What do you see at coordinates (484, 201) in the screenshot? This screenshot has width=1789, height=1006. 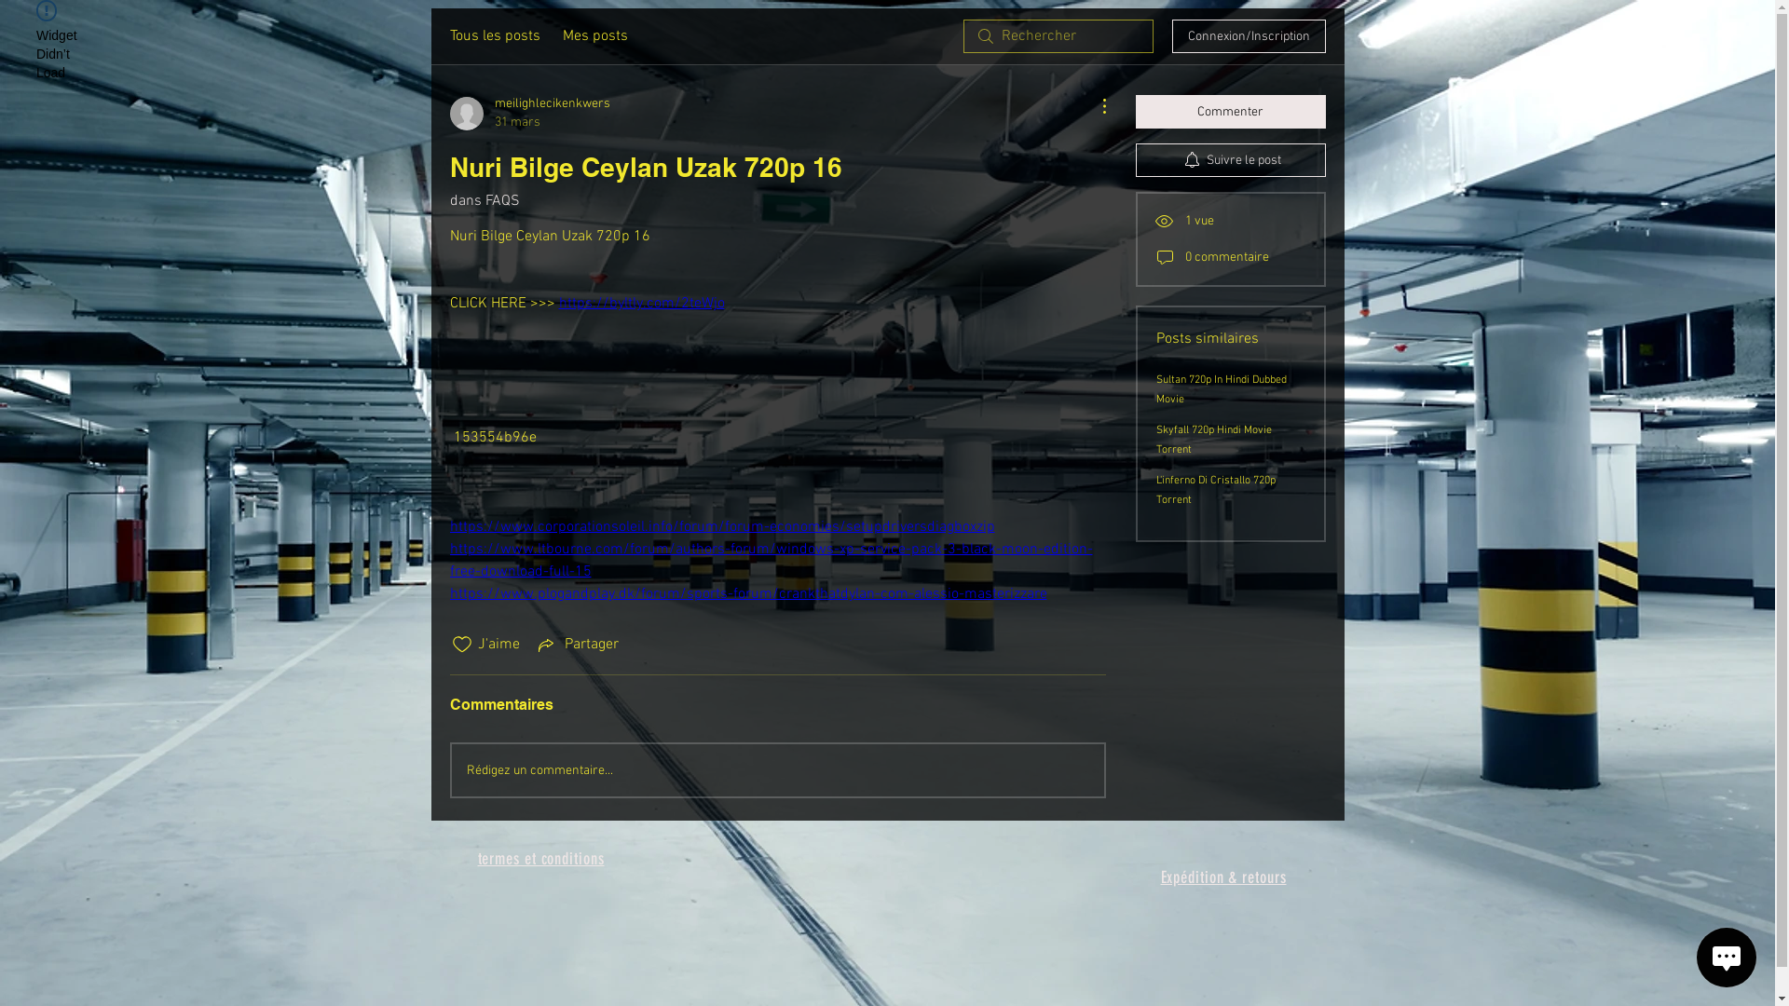 I see `'dans FAQS'` at bounding box center [484, 201].